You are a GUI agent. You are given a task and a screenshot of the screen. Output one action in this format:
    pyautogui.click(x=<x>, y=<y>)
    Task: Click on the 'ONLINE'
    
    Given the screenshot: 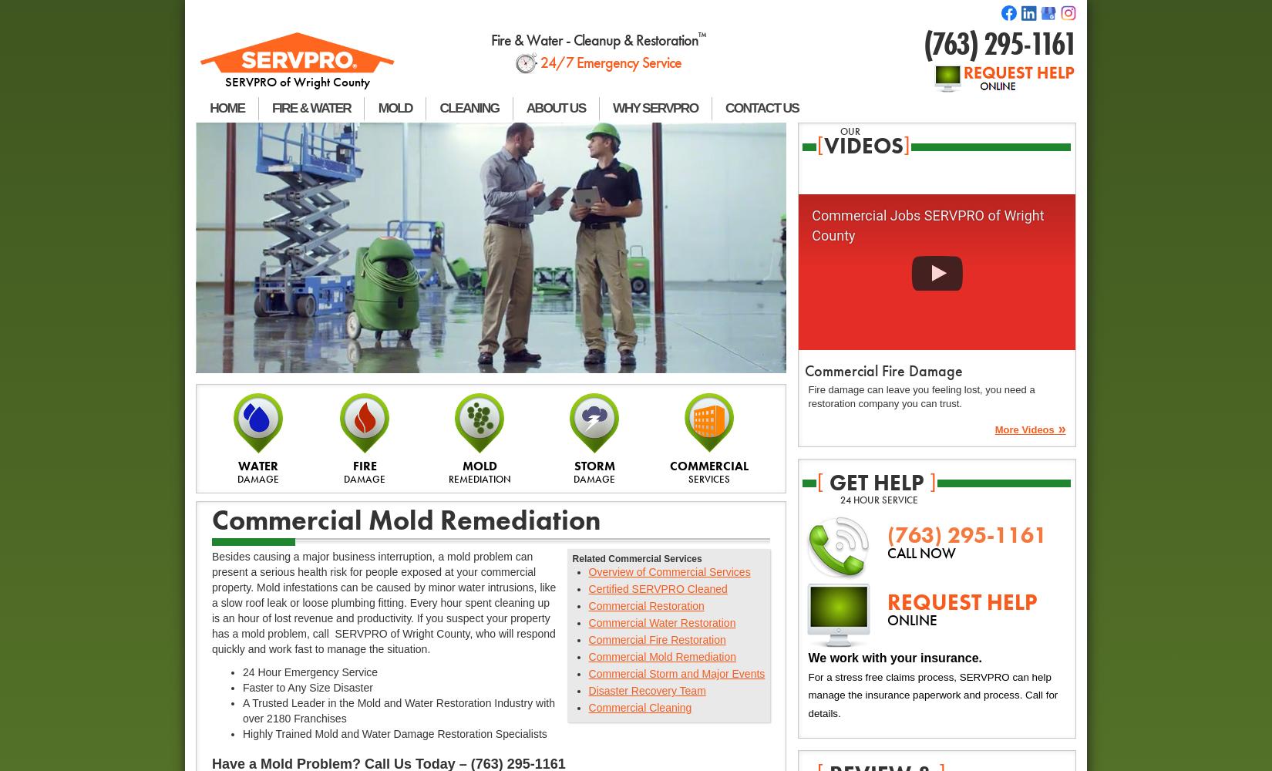 What is the action you would take?
    pyautogui.click(x=911, y=620)
    